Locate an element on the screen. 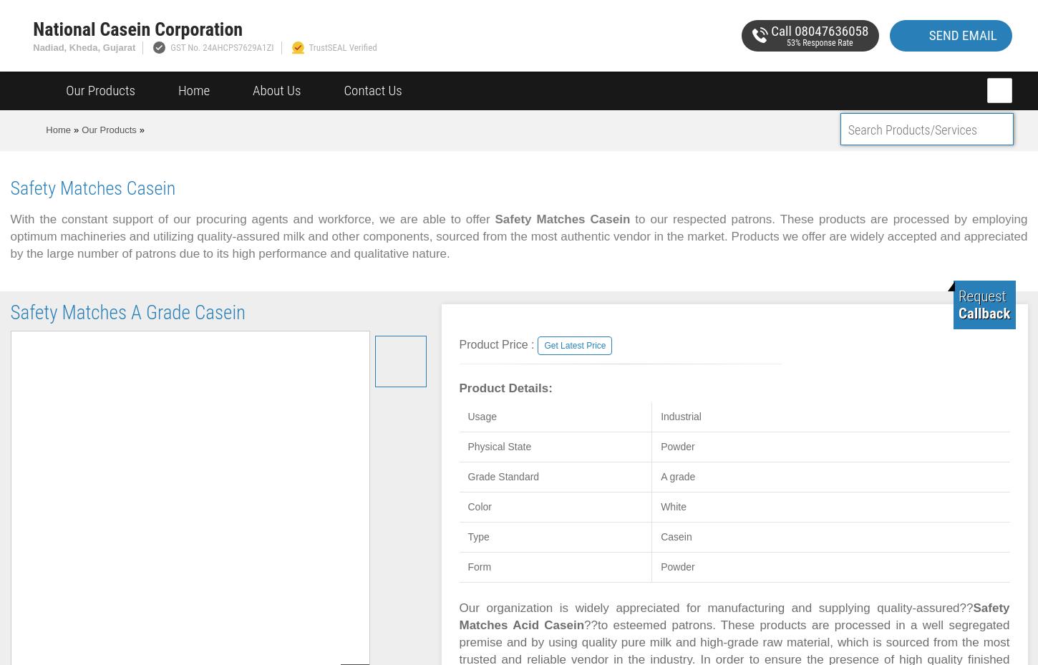  'Color' is located at coordinates (478, 506).